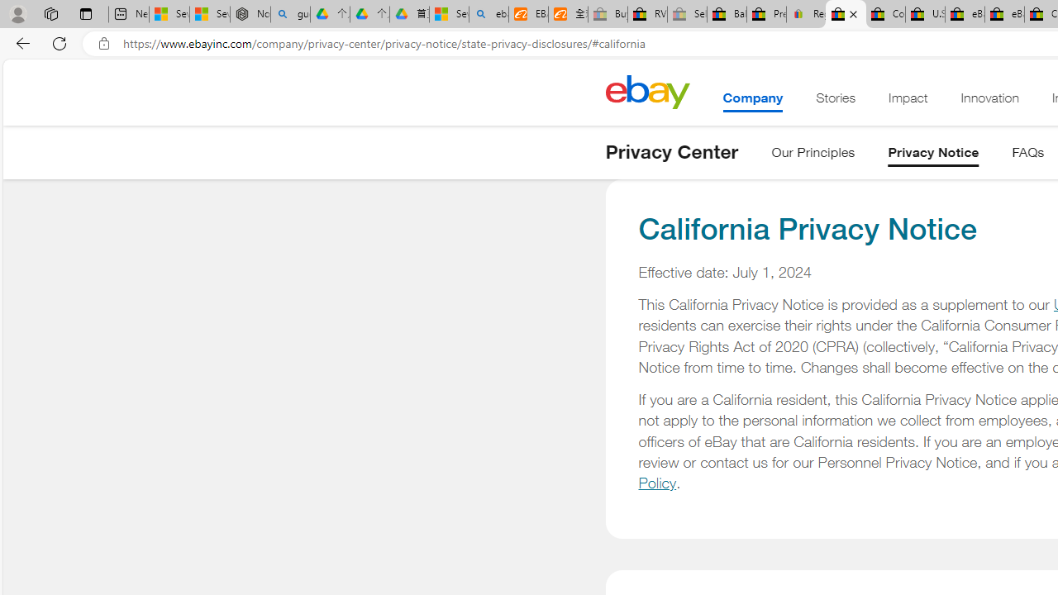  I want to click on 'eBay Inc. Reports Third Quarter 2023 Results', so click(1003, 14).